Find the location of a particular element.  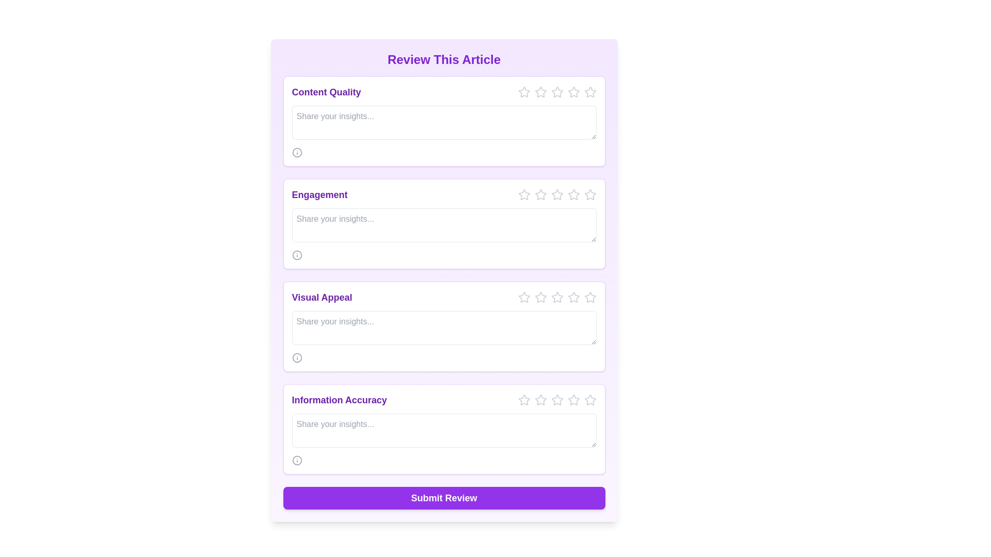

the first gray hollow star icon in the Content Quality section to rate it is located at coordinates (540, 91).